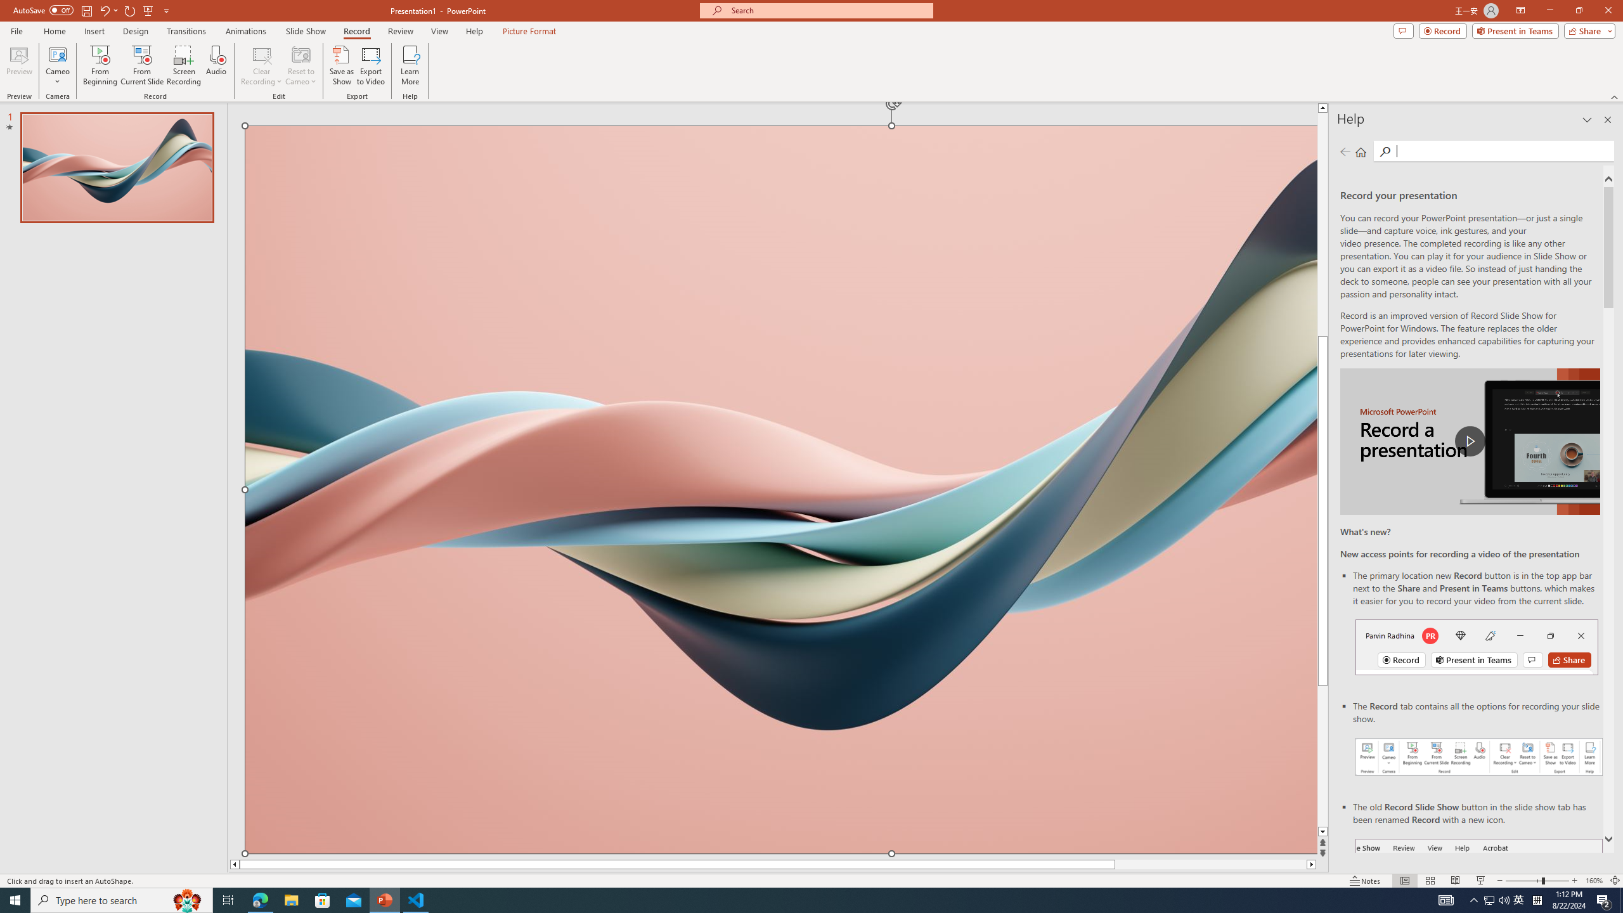 Image resolution: width=1623 pixels, height=913 pixels. Describe the element at coordinates (1586, 119) in the screenshot. I see `'Task Pane Options'` at that location.